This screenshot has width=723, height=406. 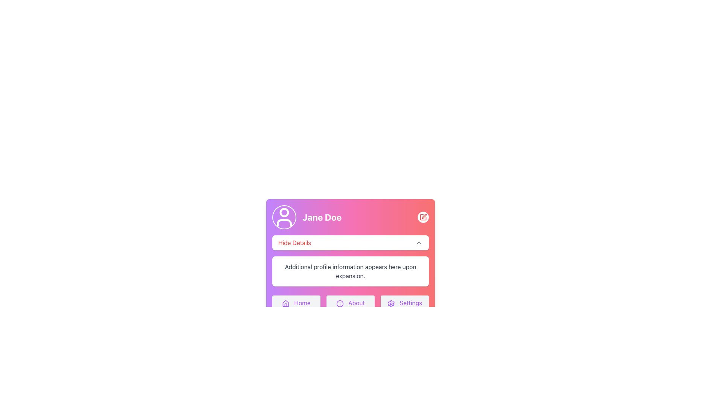 I want to click on the bold white text label 'Jane Doe' located near the user avatar icon in the header section of the user profile card, so click(x=322, y=217).